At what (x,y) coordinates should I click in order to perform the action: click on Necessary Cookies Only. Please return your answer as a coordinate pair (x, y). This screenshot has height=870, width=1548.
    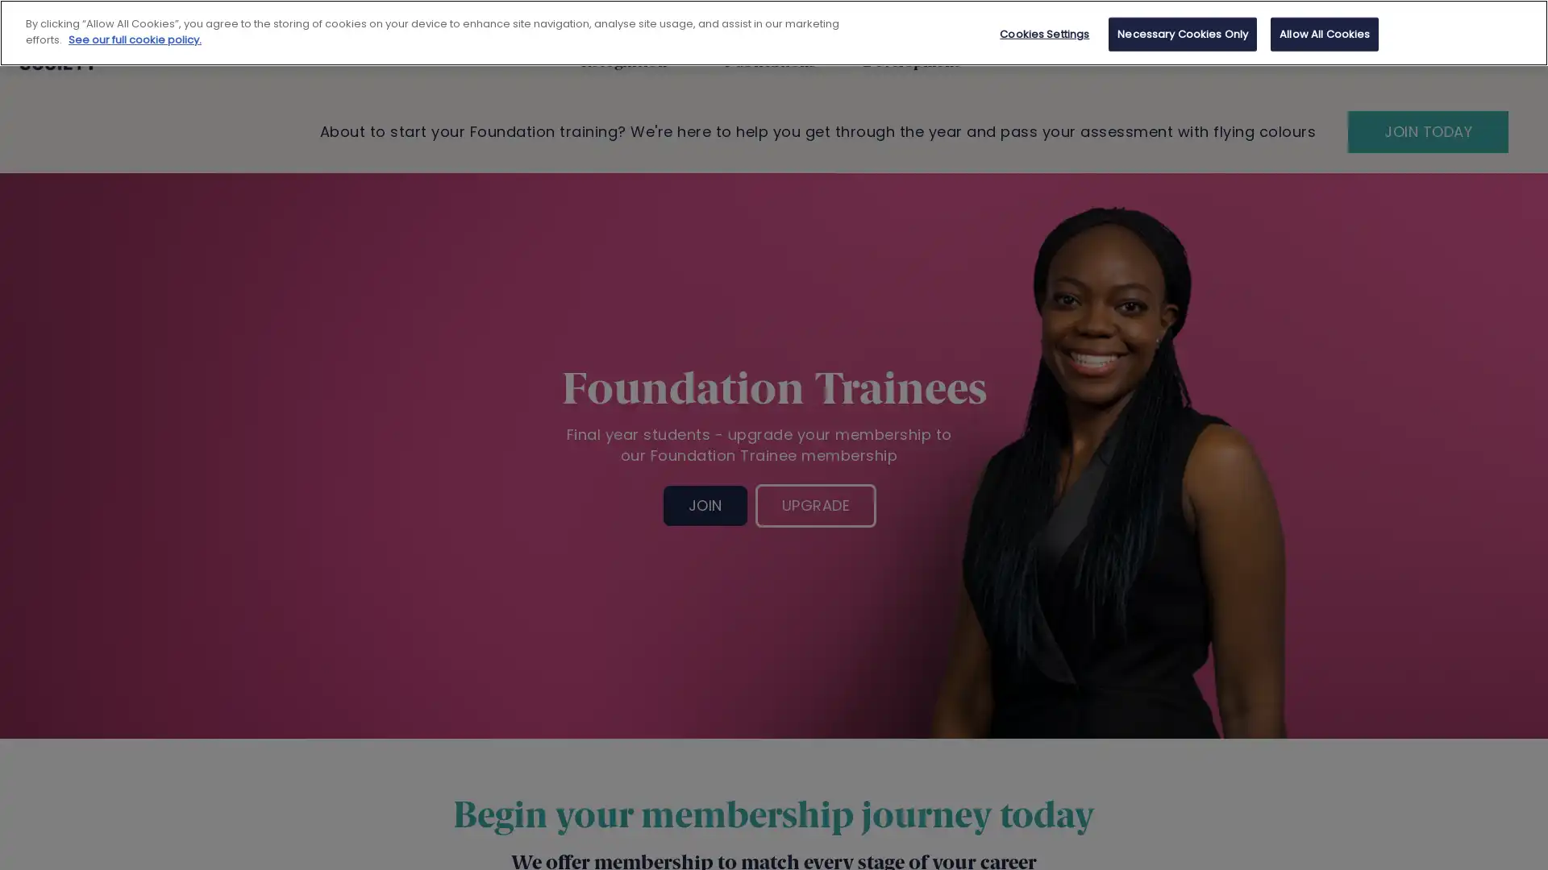
    Looking at the image, I should click on (1183, 34).